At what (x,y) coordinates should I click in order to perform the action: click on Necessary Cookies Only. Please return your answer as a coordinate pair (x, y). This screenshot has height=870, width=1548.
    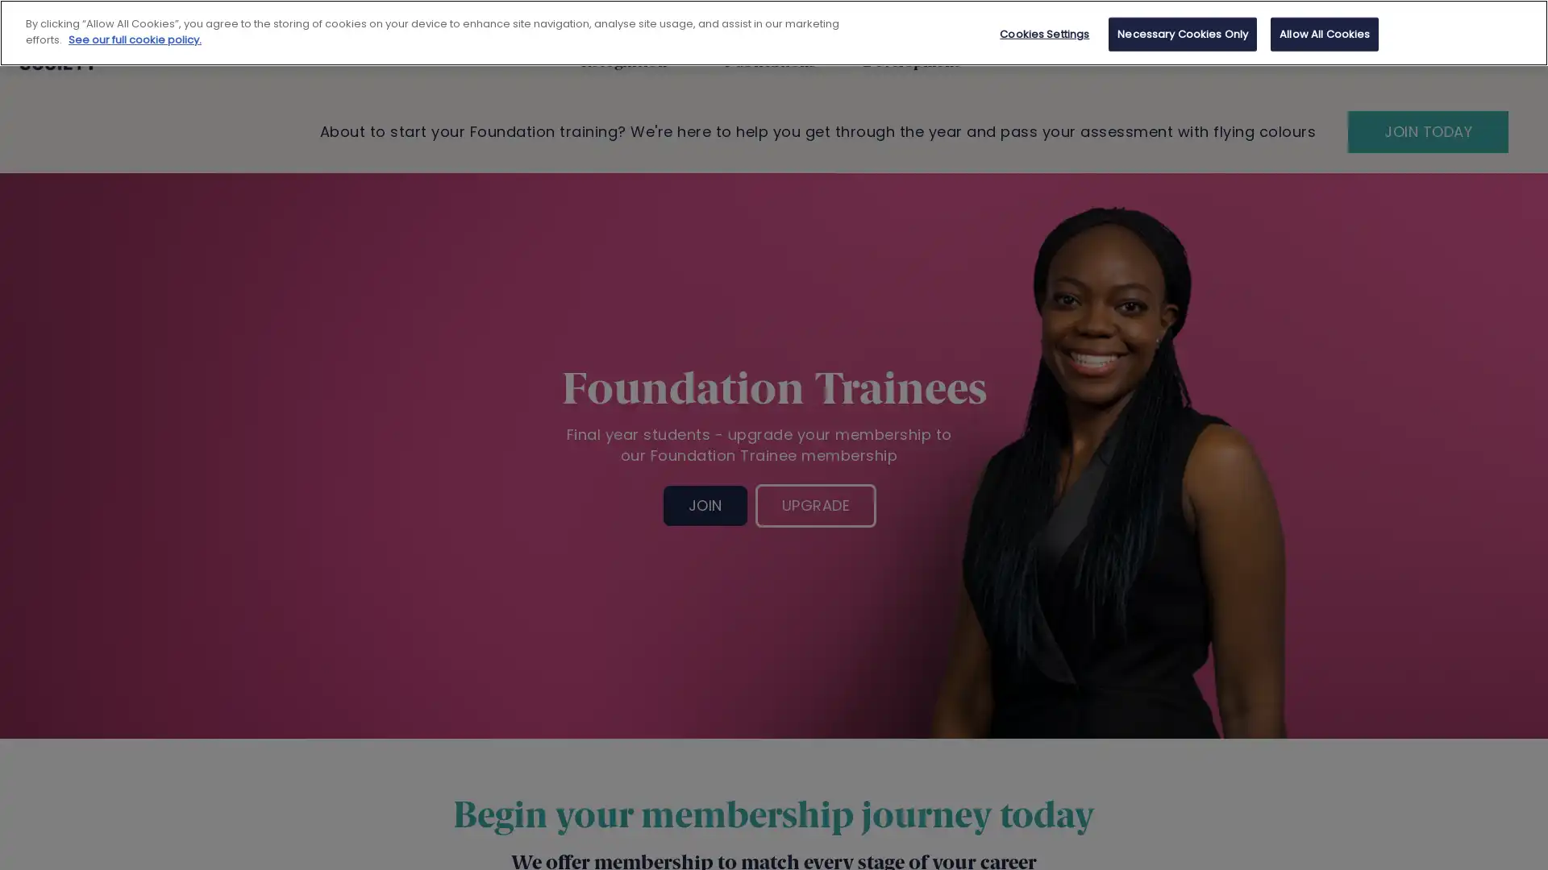
    Looking at the image, I should click on (1183, 34).